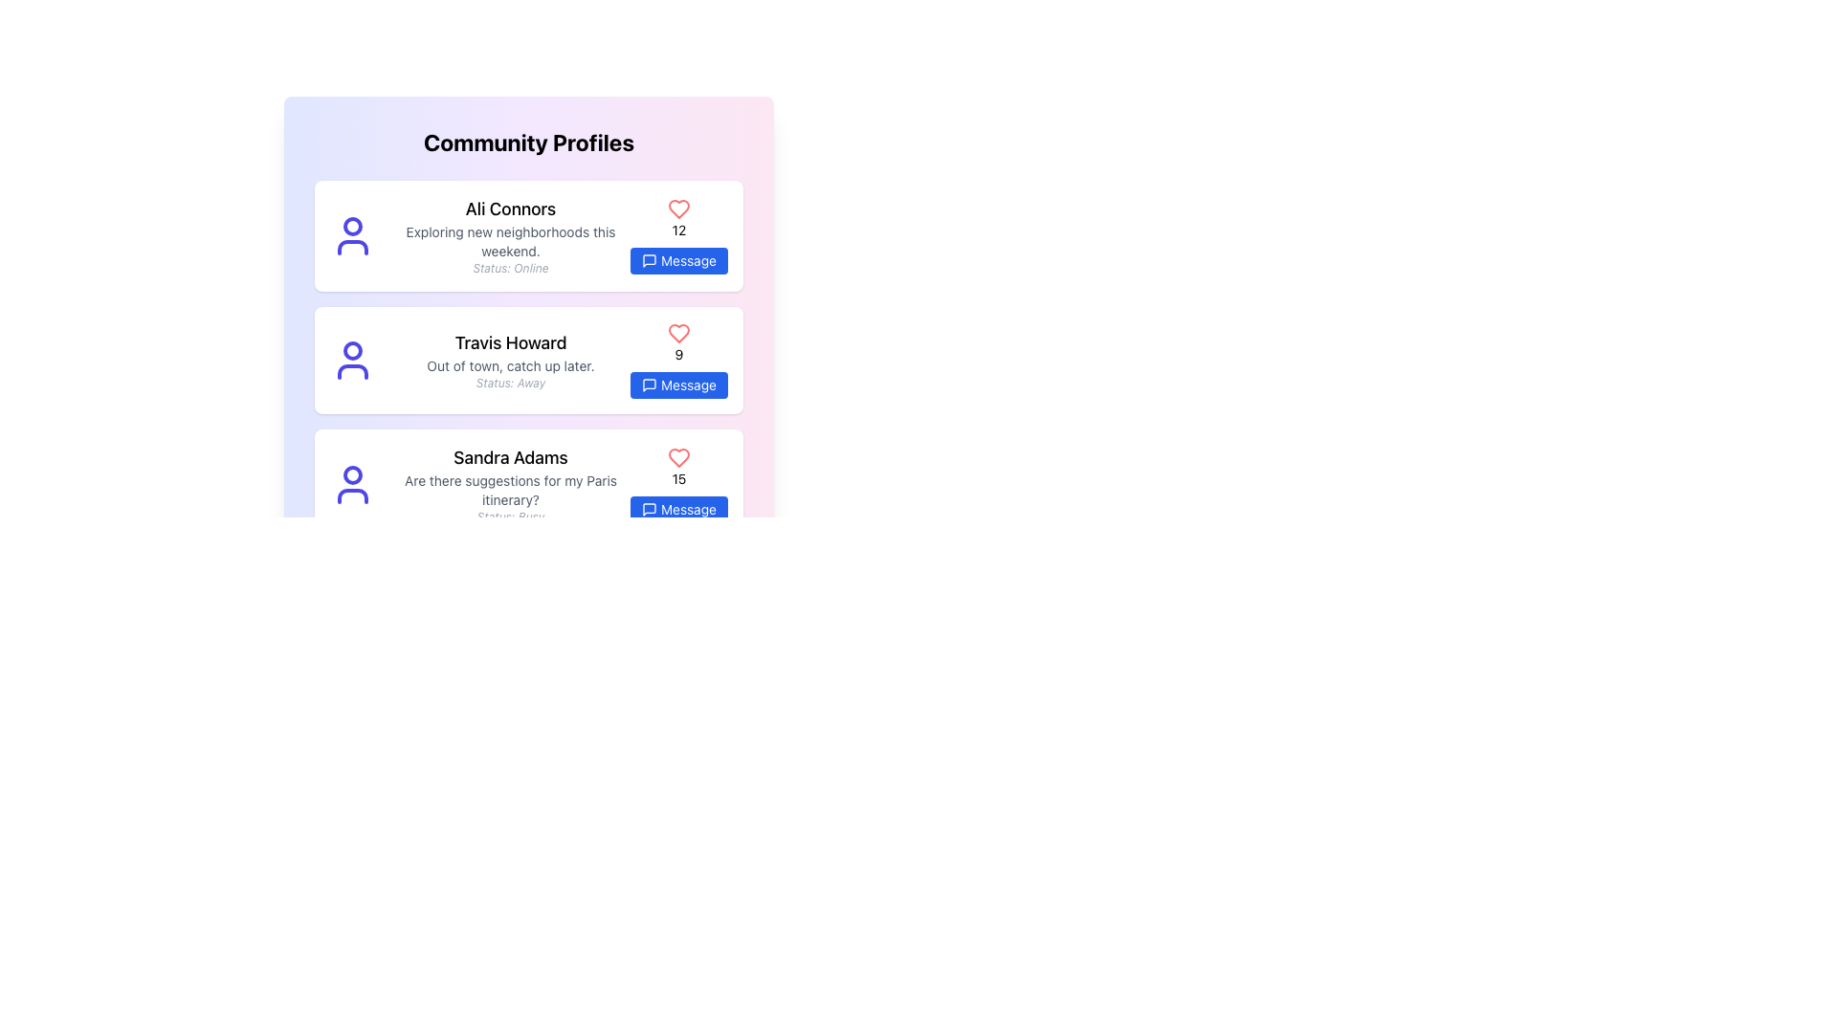  What do you see at coordinates (510, 341) in the screenshot?
I see `text component displaying the name 'Travis Howard' which is centrally located in the second card of the 'Community Profiles' section` at bounding box center [510, 341].